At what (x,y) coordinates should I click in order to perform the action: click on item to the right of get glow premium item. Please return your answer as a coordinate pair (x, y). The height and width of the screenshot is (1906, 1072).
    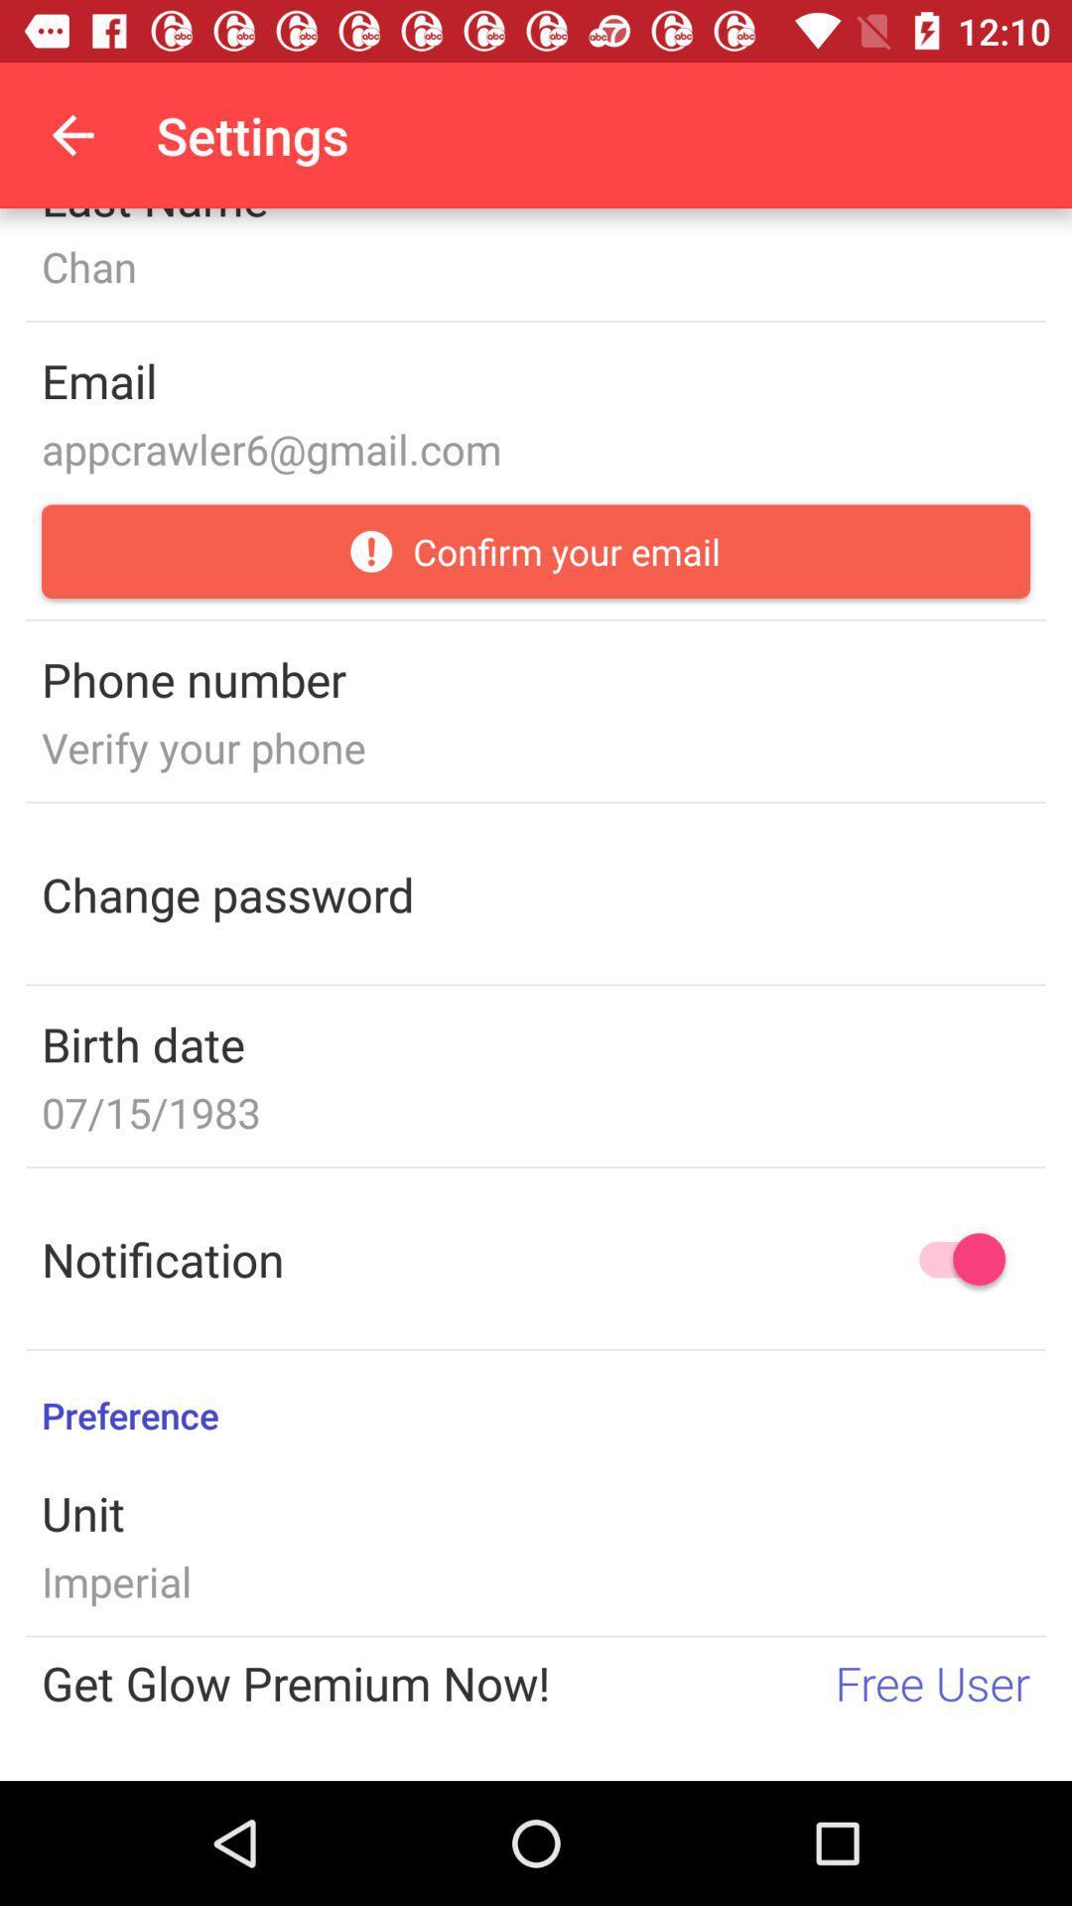
    Looking at the image, I should click on (932, 1682).